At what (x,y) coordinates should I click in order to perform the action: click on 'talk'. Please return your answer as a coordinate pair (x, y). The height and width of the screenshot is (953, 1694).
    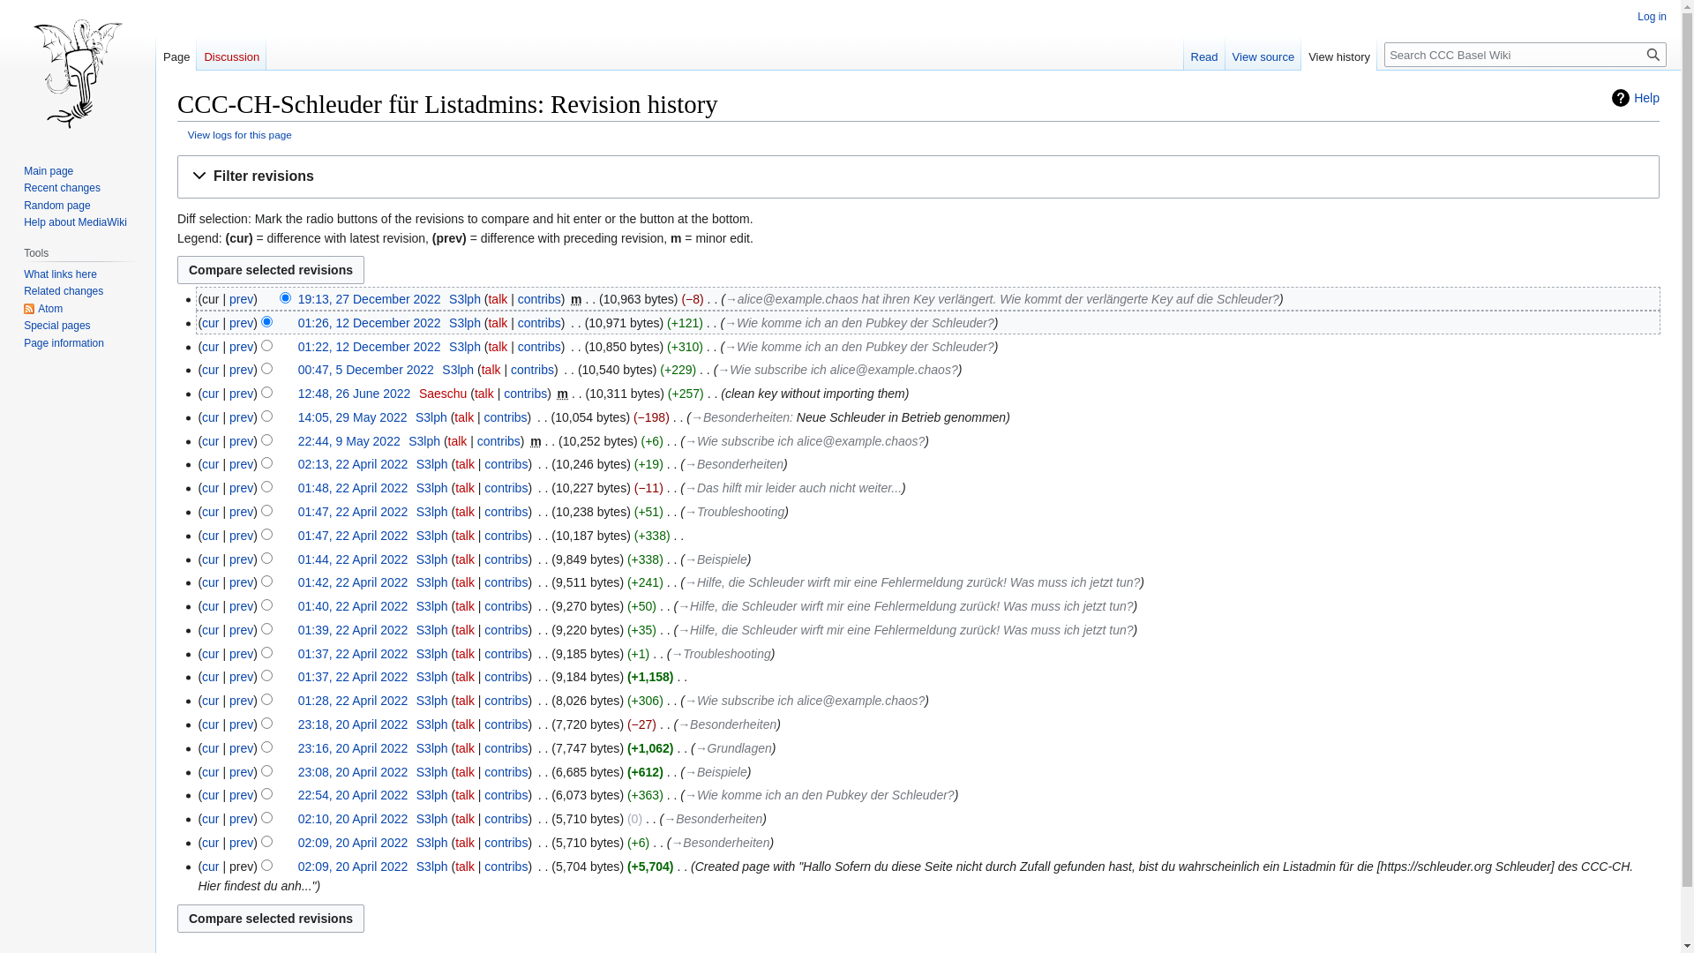
    Looking at the image, I should click on (497, 323).